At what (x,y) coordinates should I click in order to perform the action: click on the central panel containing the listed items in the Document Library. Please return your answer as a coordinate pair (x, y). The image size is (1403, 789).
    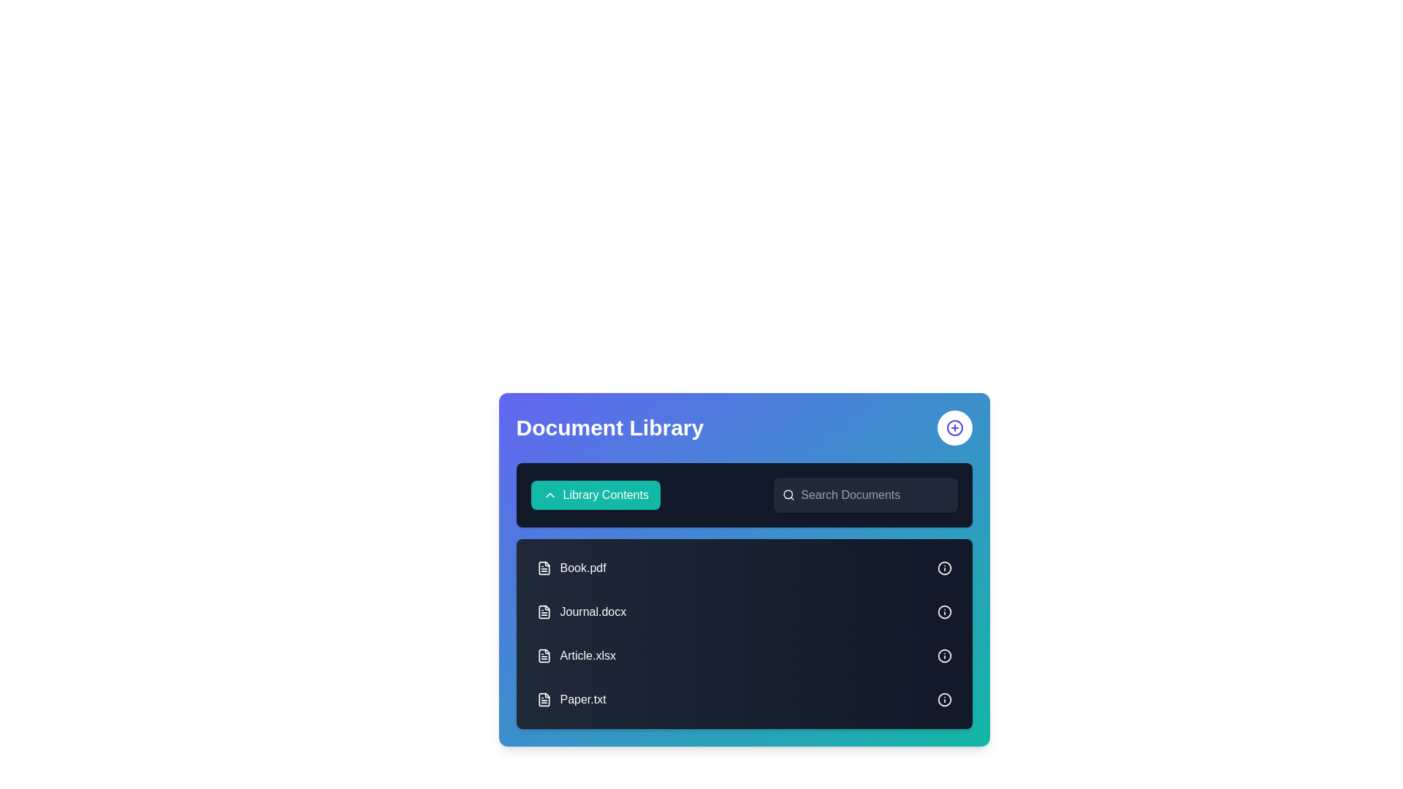
    Looking at the image, I should click on (744, 633).